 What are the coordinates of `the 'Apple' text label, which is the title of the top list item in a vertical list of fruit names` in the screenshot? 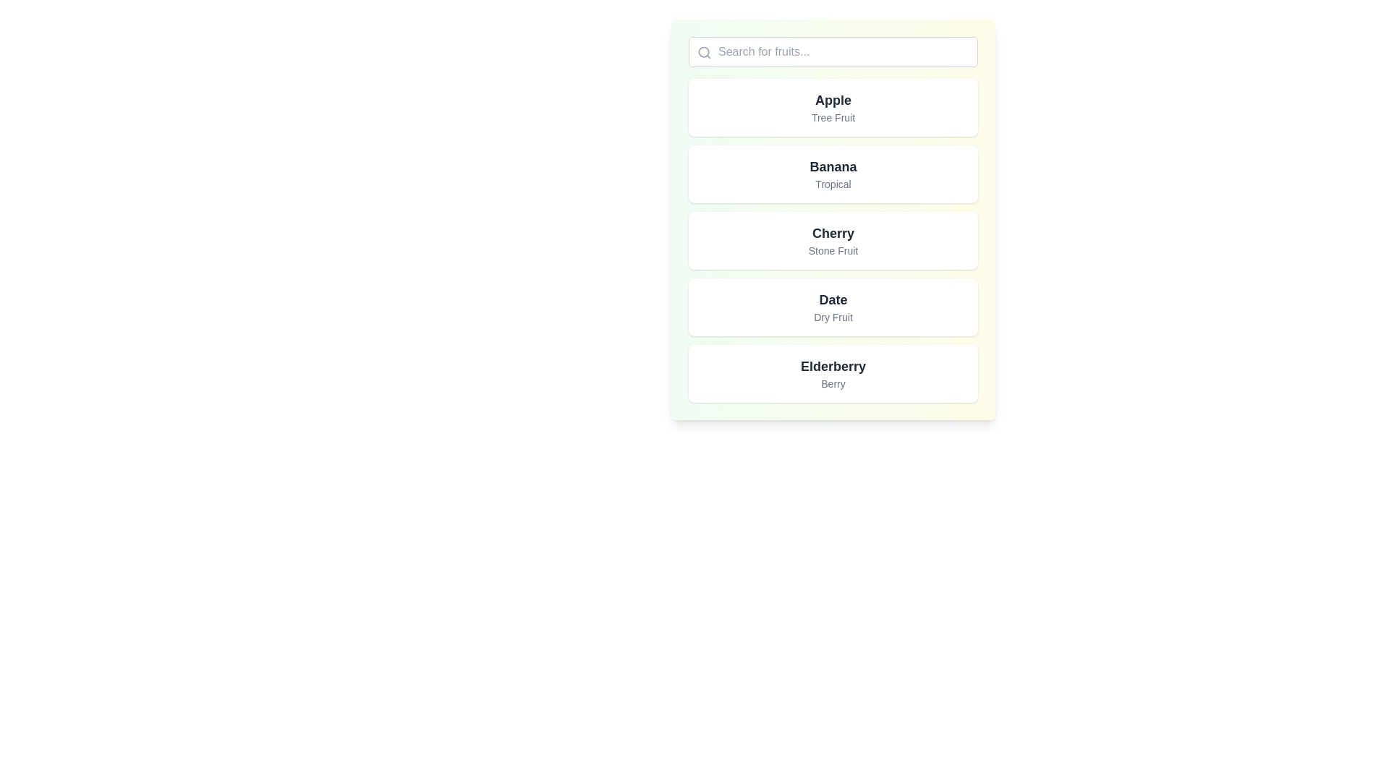 It's located at (833, 99).